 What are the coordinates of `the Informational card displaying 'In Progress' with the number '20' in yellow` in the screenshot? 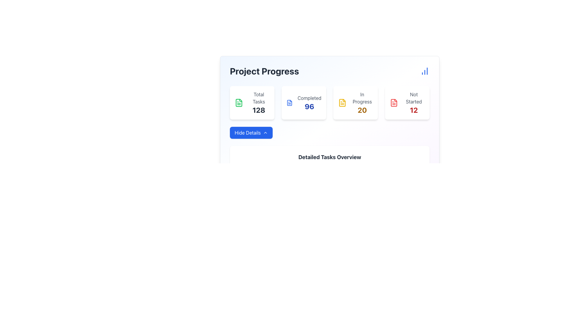 It's located at (355, 102).